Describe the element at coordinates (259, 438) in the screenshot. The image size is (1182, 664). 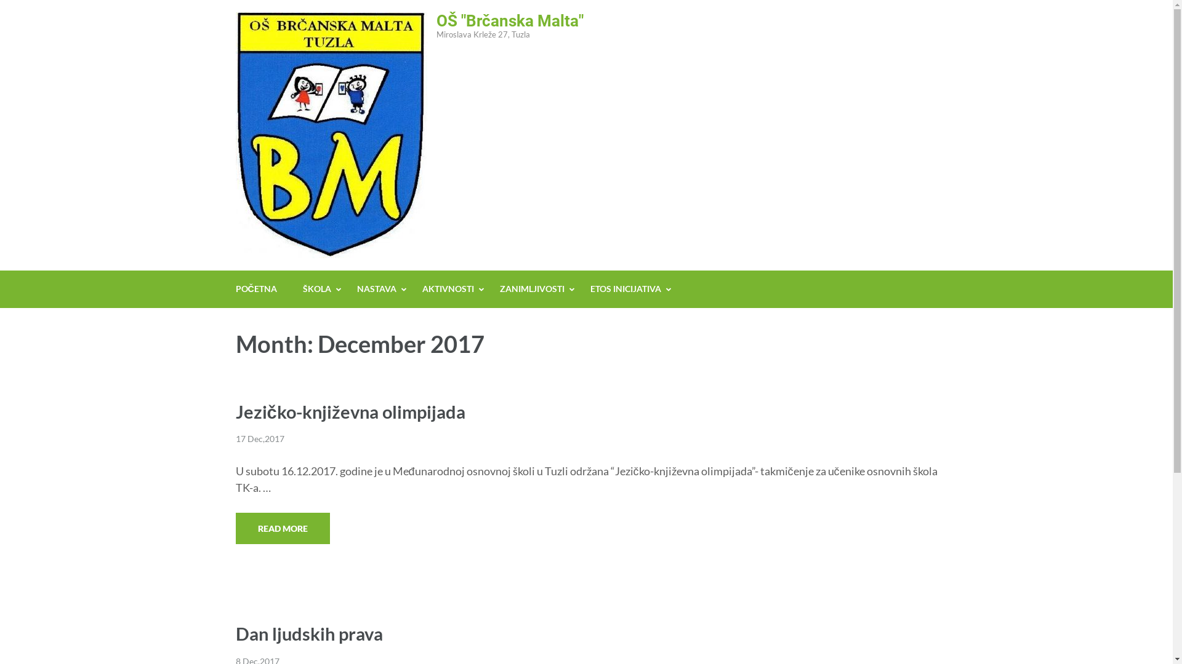
I see `'17 Dec,2017'` at that location.